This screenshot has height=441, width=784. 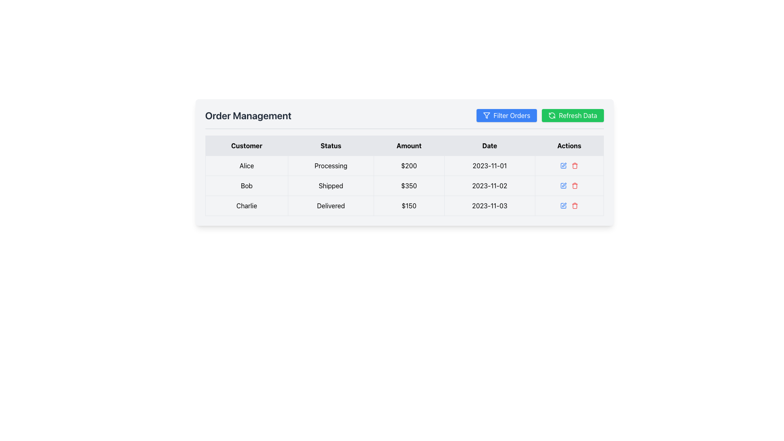 What do you see at coordinates (564, 204) in the screenshot?
I see `the small, square-shaped graphic icon representing an editing action located in the 'Actions' column under the row for 'Charlie'` at bounding box center [564, 204].